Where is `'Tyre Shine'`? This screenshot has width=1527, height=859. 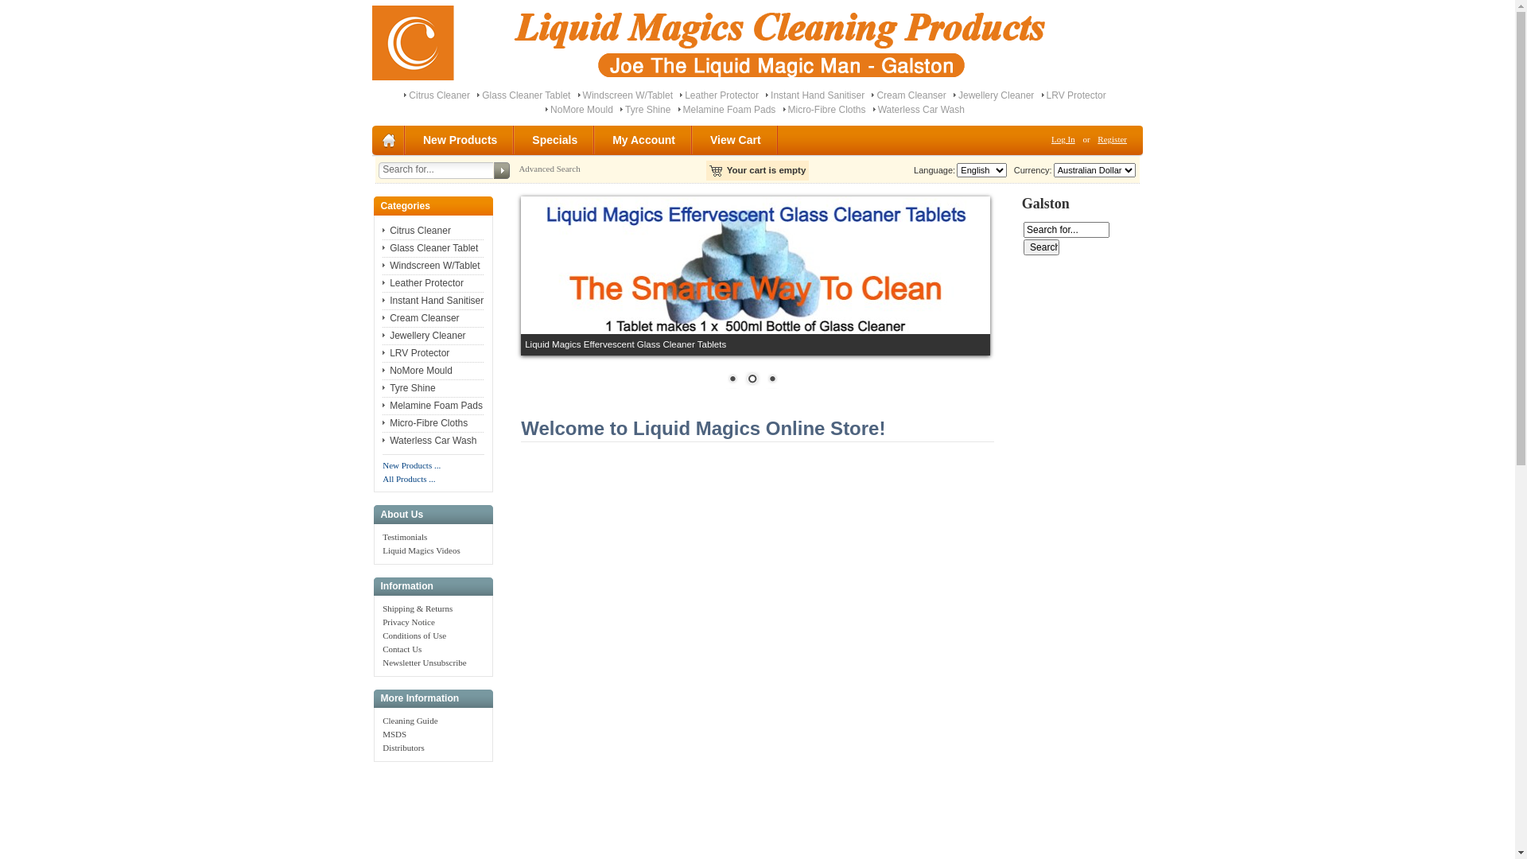 'Tyre Shine' is located at coordinates (382, 388).